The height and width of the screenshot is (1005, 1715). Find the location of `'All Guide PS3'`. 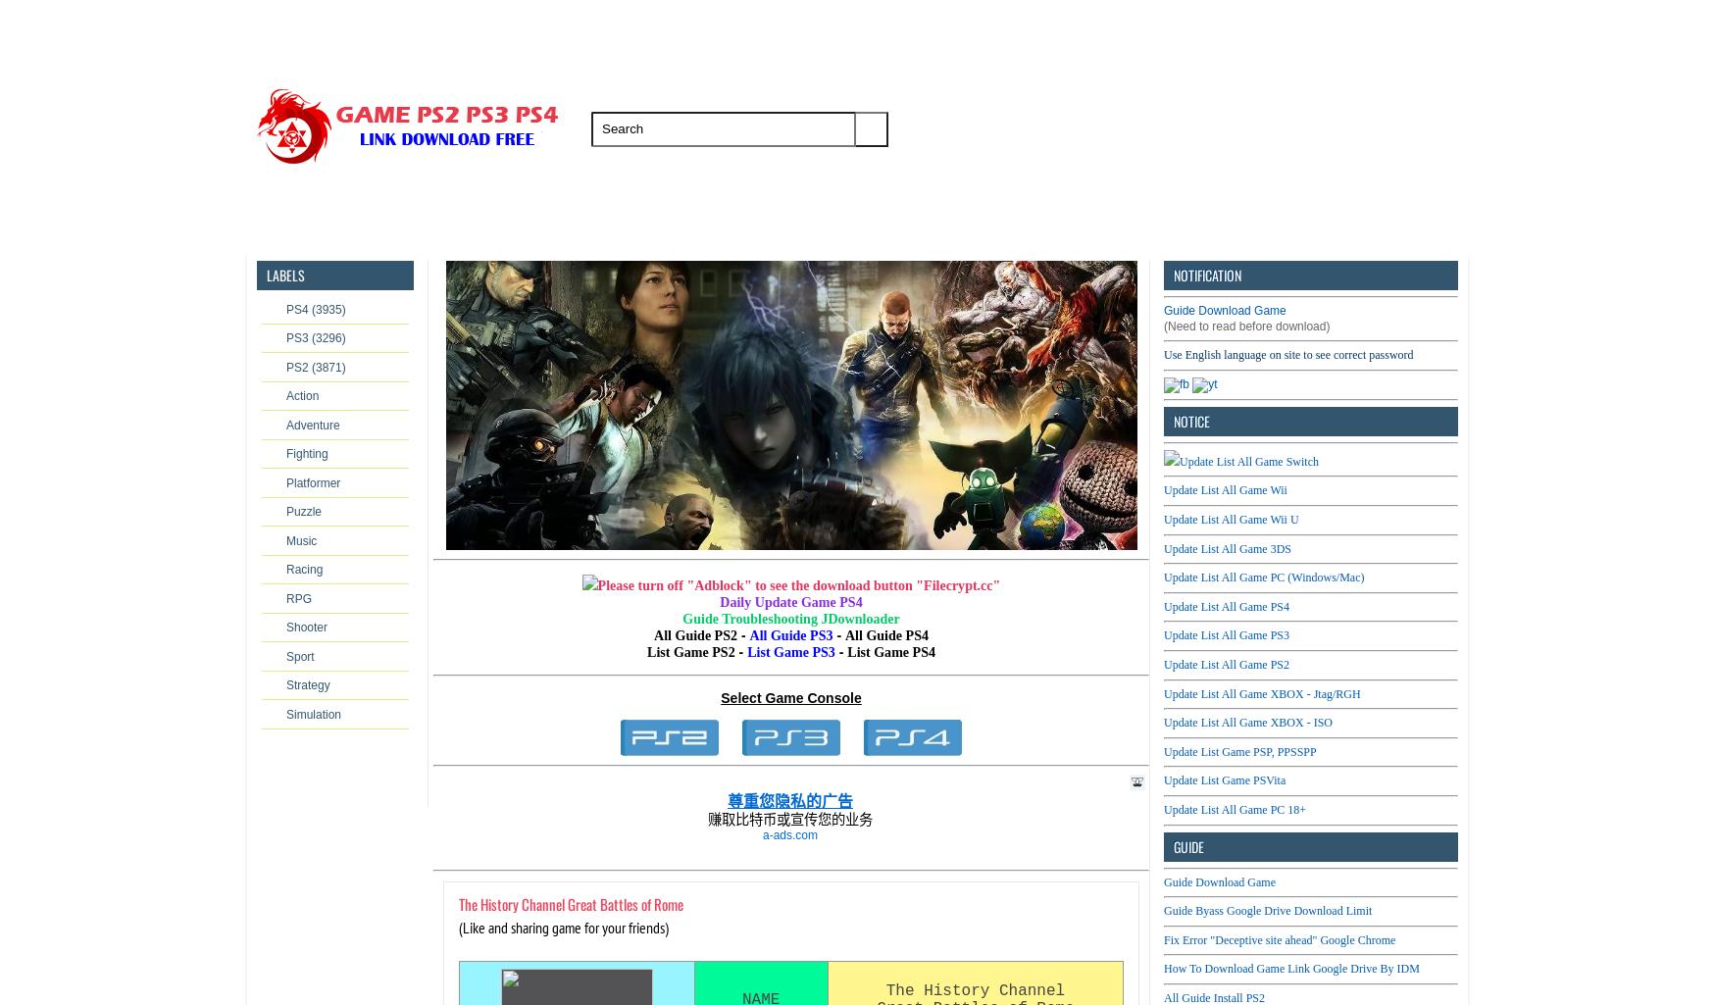

'All Guide PS3' is located at coordinates (790, 634).